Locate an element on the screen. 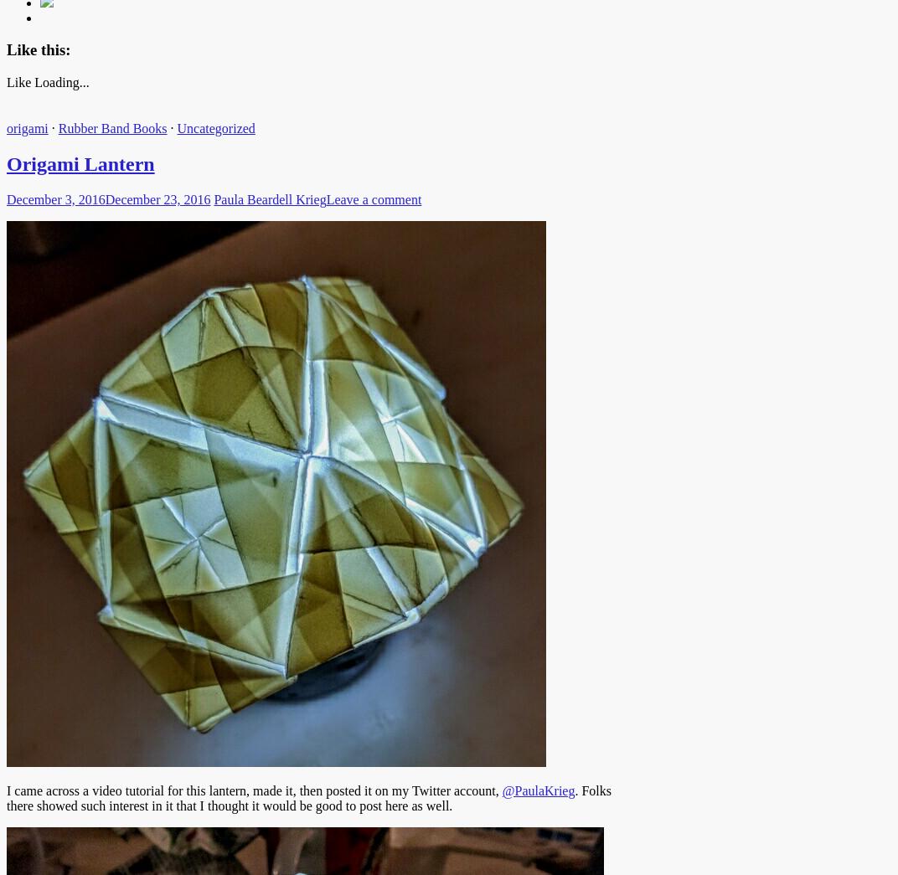 This screenshot has height=875, width=898. 'December 23, 2016' is located at coordinates (104, 198).